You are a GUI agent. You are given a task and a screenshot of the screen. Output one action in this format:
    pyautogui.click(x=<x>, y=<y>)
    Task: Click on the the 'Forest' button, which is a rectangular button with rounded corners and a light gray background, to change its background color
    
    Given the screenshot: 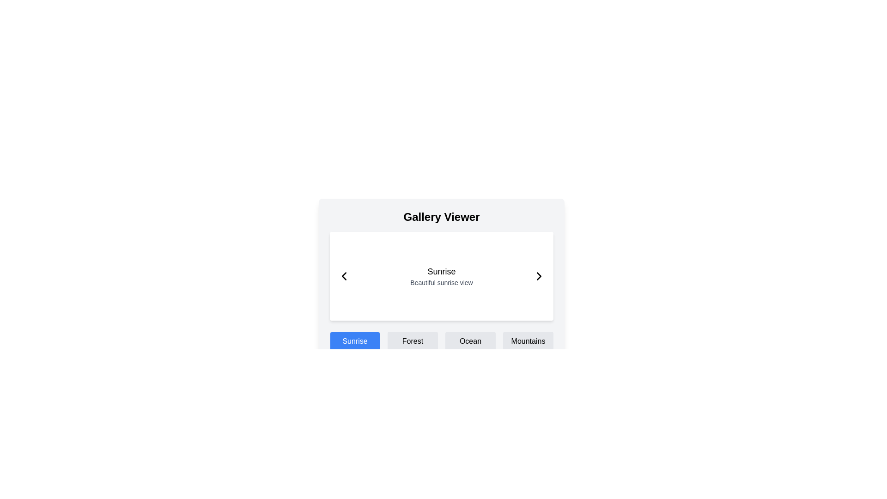 What is the action you would take?
    pyautogui.click(x=412, y=341)
    